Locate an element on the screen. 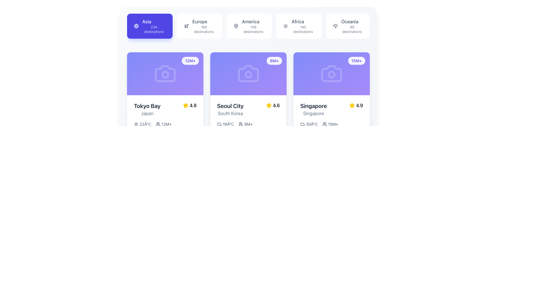  the text label displaying '8M+' paired with a group icon, located in the second column of the three-item horizontal grid layout below the main title and subtitle of the 'Seoul City' card is located at coordinates (246, 124).